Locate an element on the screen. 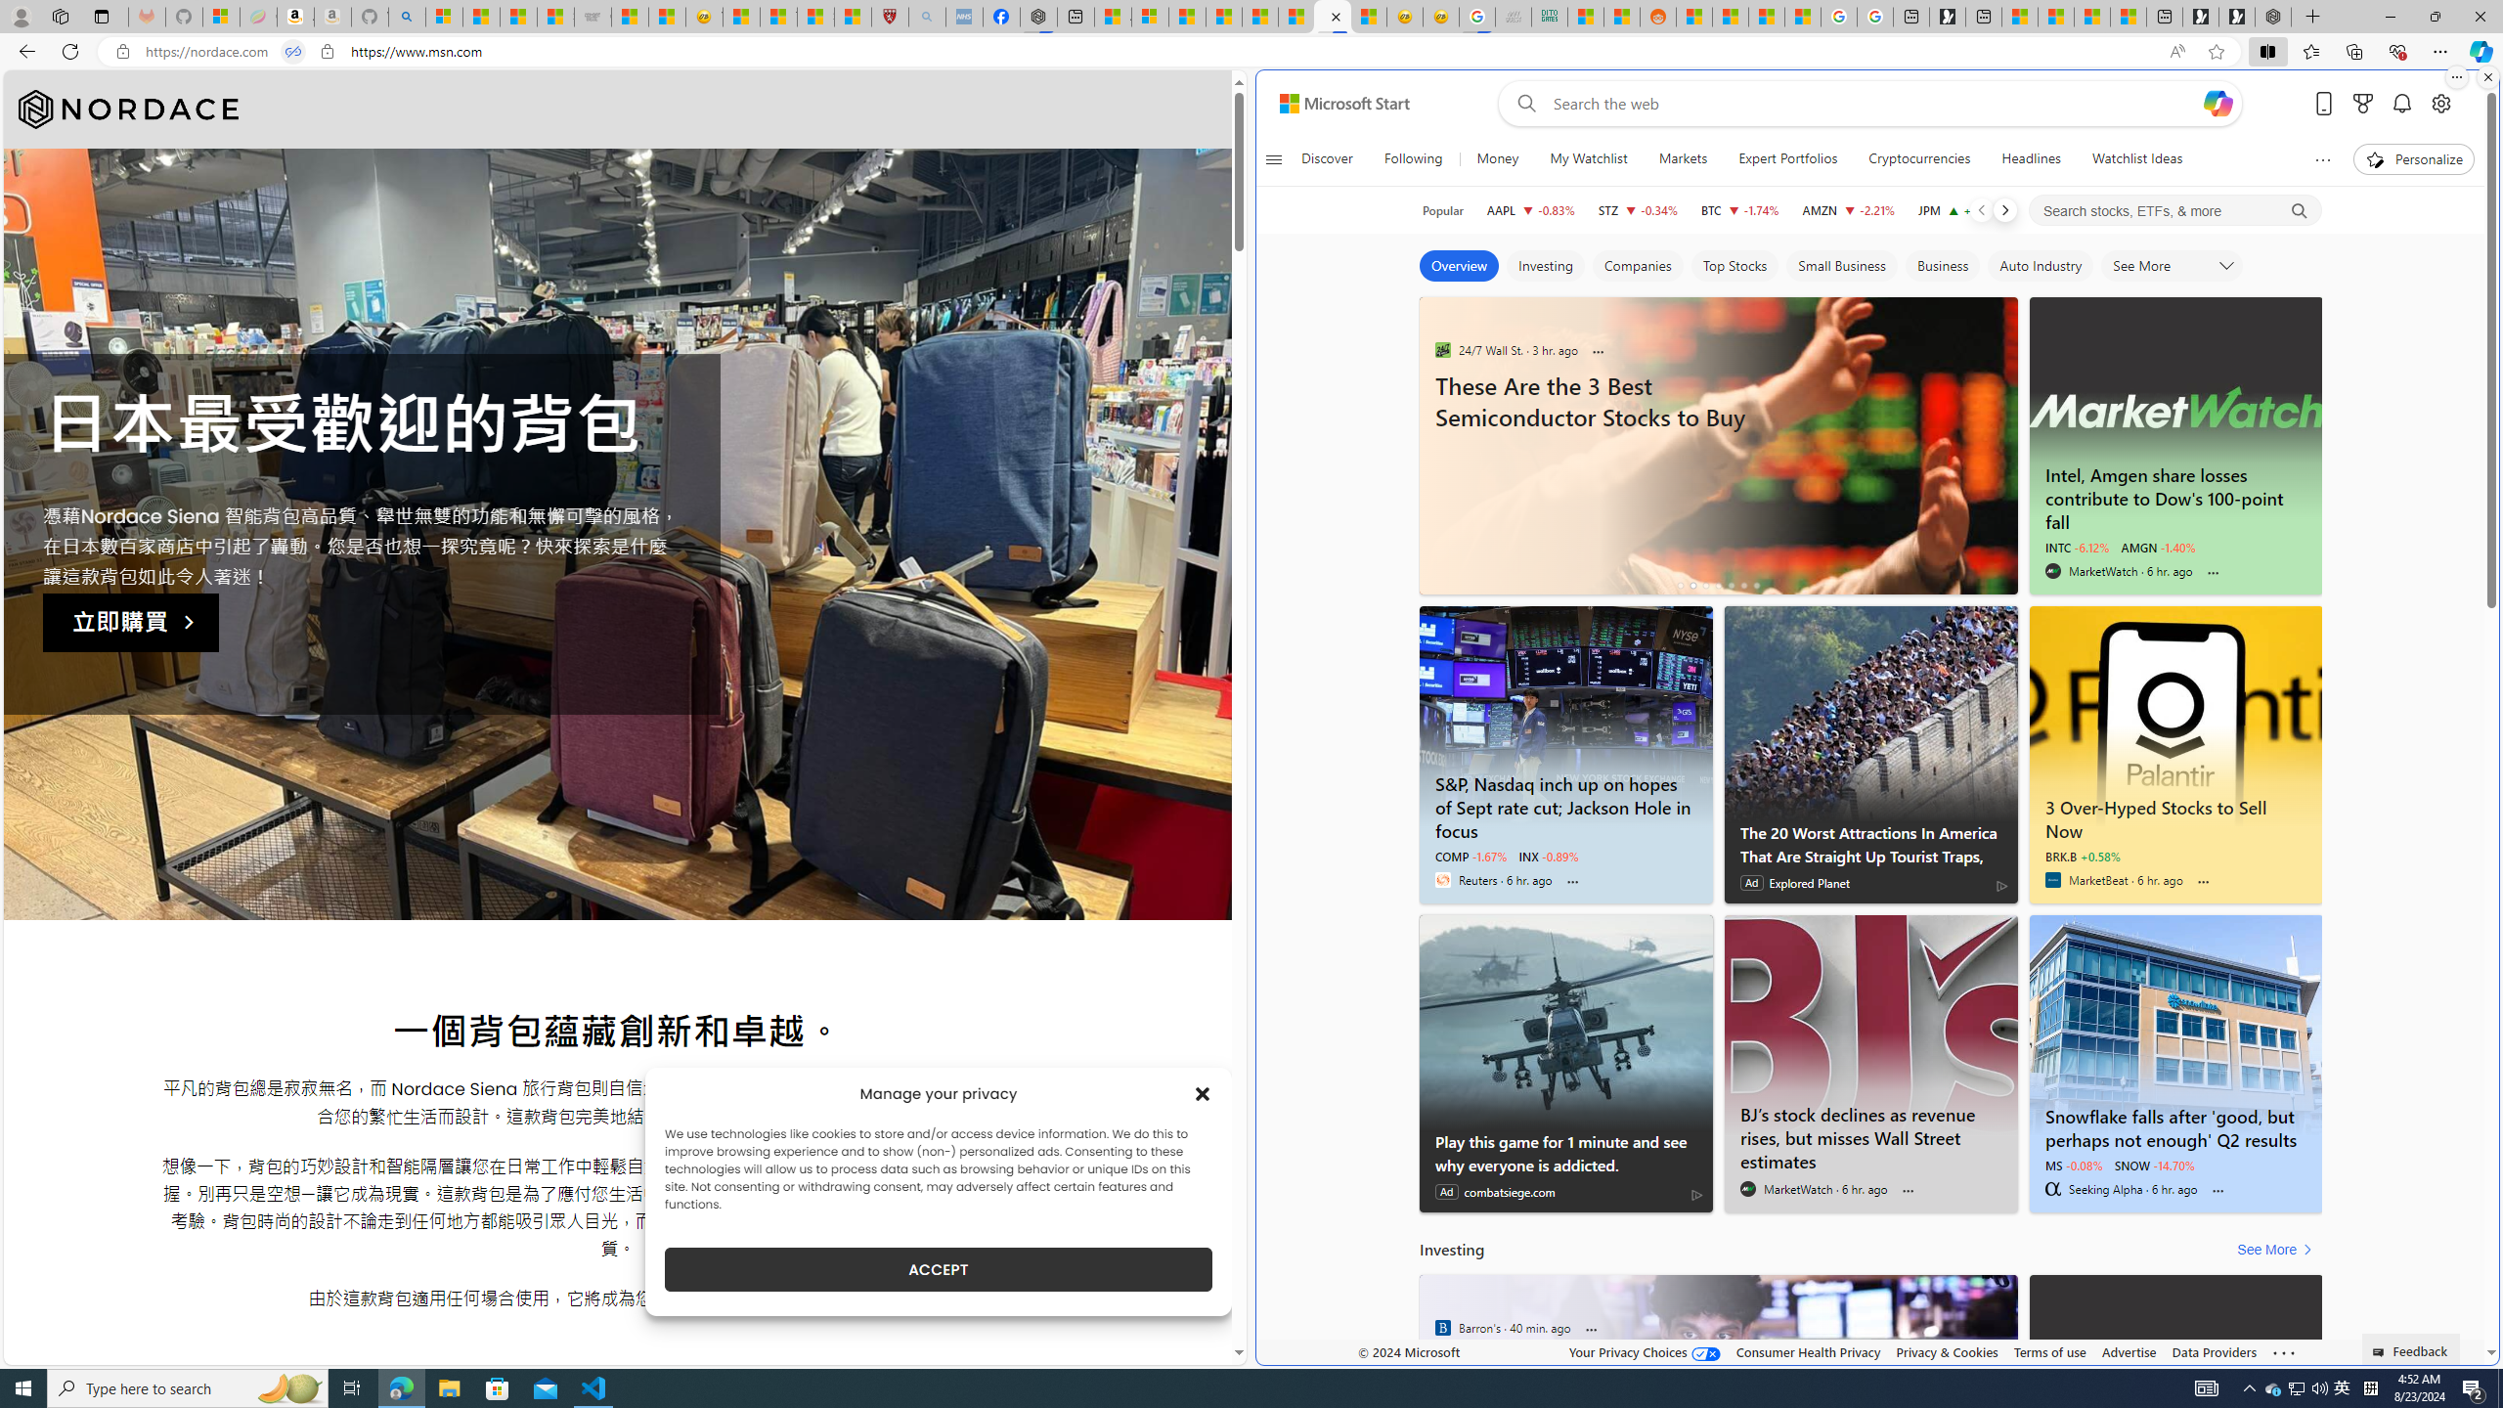 This screenshot has height=1408, width=2503. 'Markets' is located at coordinates (1682, 158).